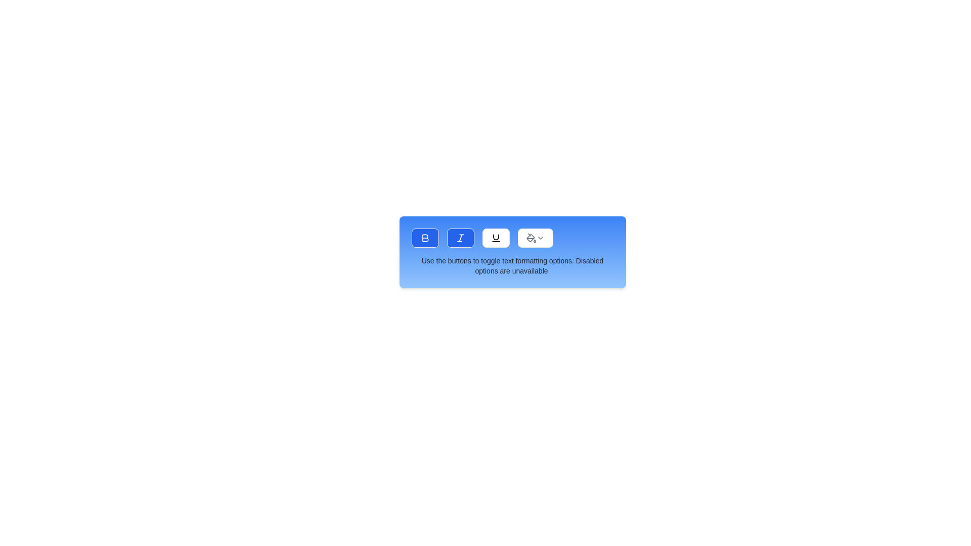 The image size is (971, 546). Describe the element at coordinates (425, 238) in the screenshot. I see `the bold 'B' button inside a small blue box` at that location.